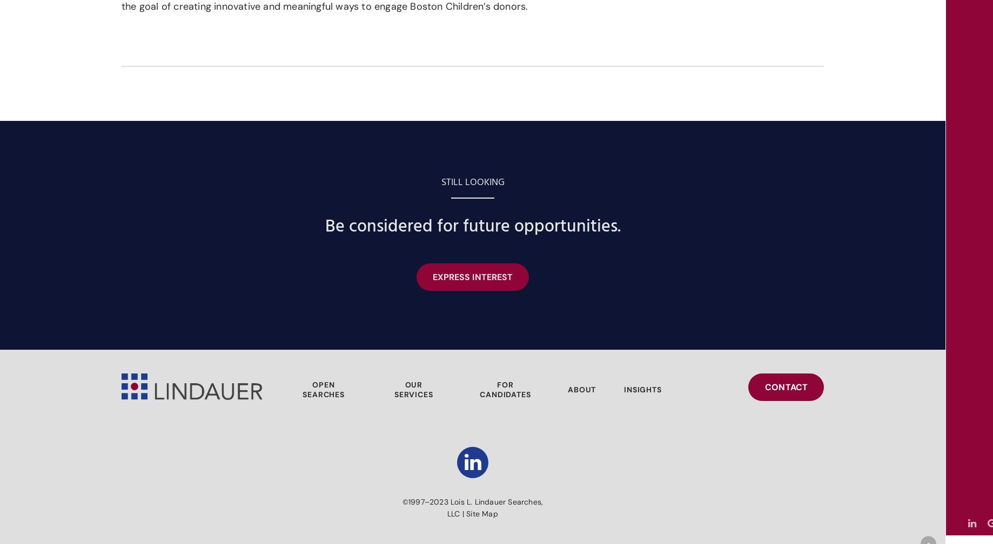 Image resolution: width=993 pixels, height=544 pixels. Describe the element at coordinates (323, 390) in the screenshot. I see `'OPEN  SEARCHES'` at that location.